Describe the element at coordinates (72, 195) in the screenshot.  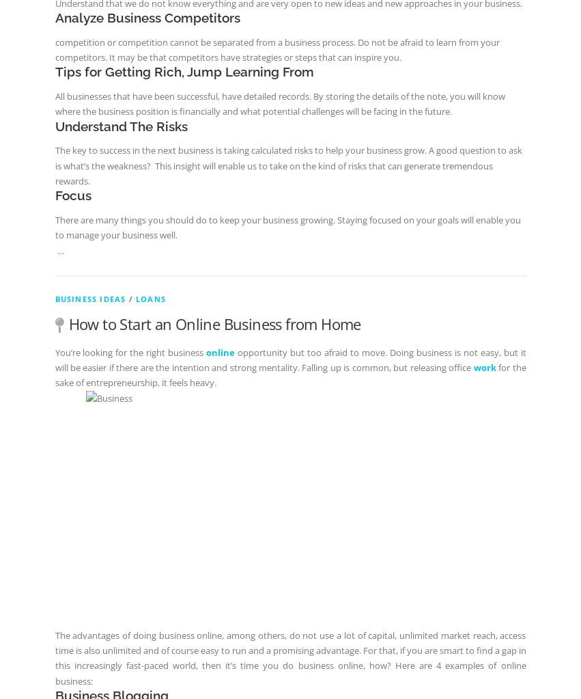
I see `'Focus'` at that location.